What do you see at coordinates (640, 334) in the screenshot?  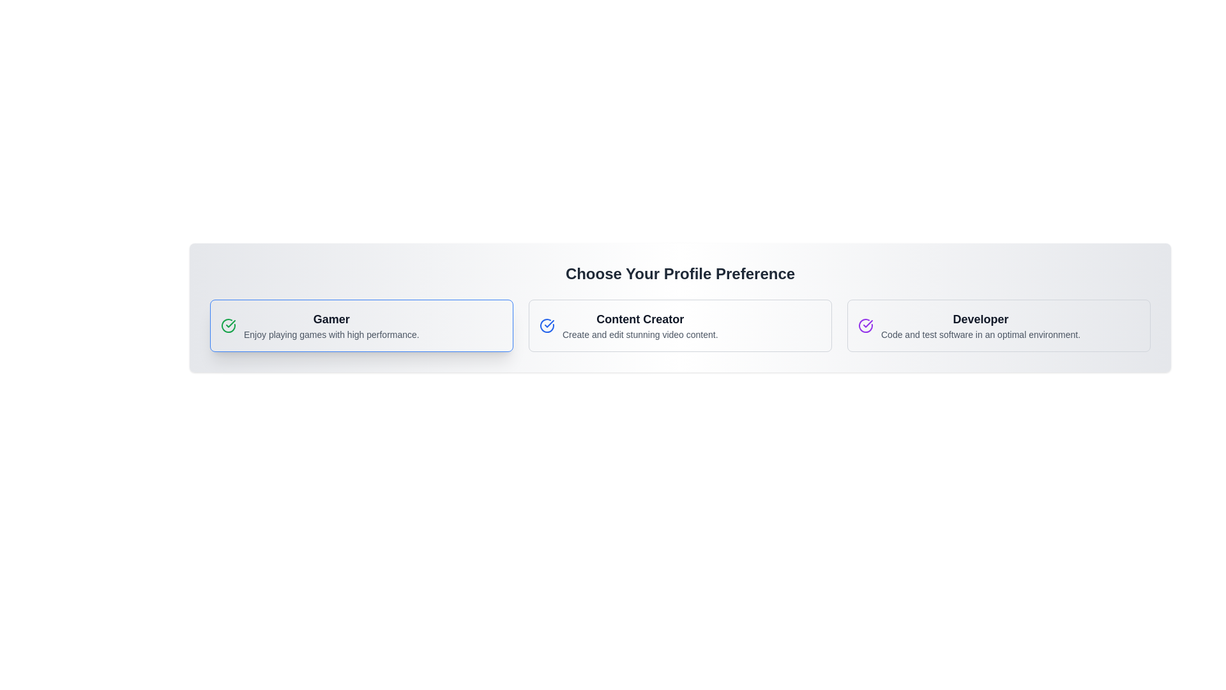 I see `the text segment that reads 'Create and edit stunning video content.' which is styled in a smaller muted gray font and located directly below the 'Content Creator' title in the middle interactive box` at bounding box center [640, 334].